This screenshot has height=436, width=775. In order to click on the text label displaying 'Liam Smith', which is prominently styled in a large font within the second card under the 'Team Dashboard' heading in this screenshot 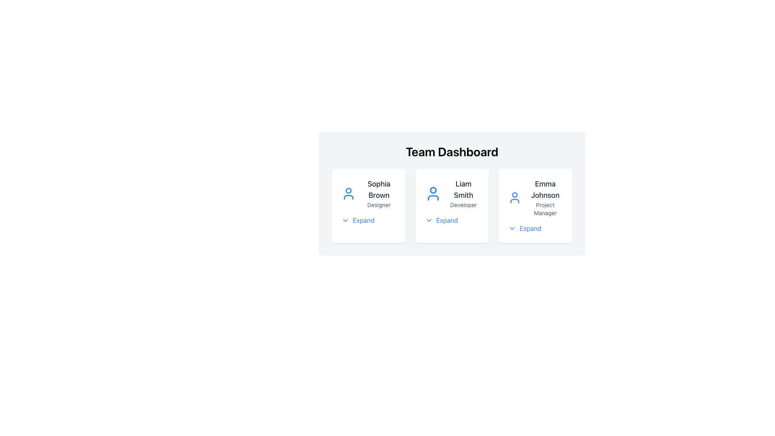, I will do `click(463, 190)`.